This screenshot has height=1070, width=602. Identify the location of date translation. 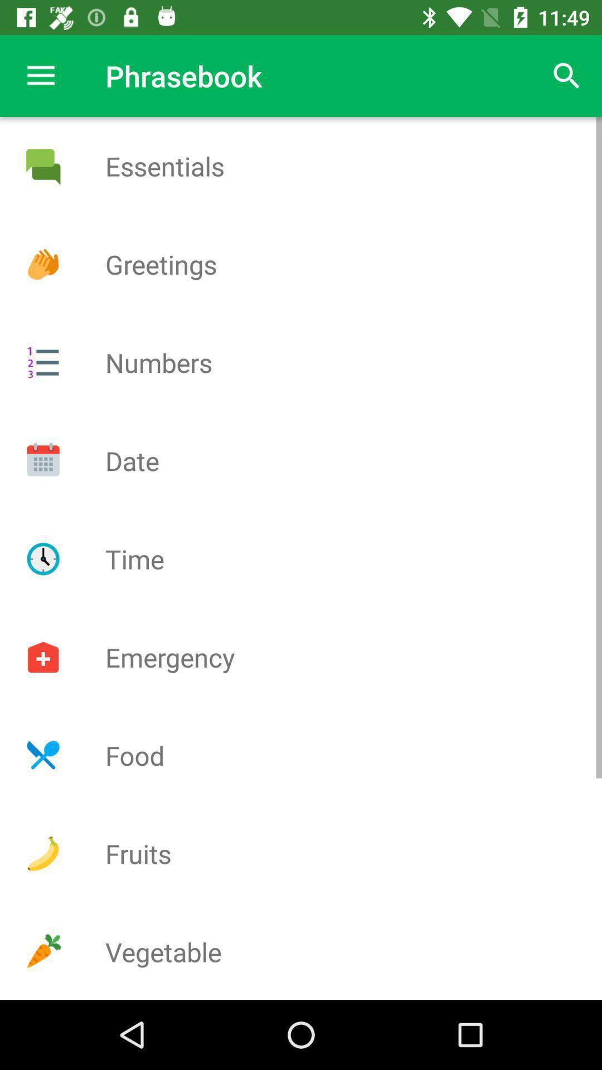
(42, 460).